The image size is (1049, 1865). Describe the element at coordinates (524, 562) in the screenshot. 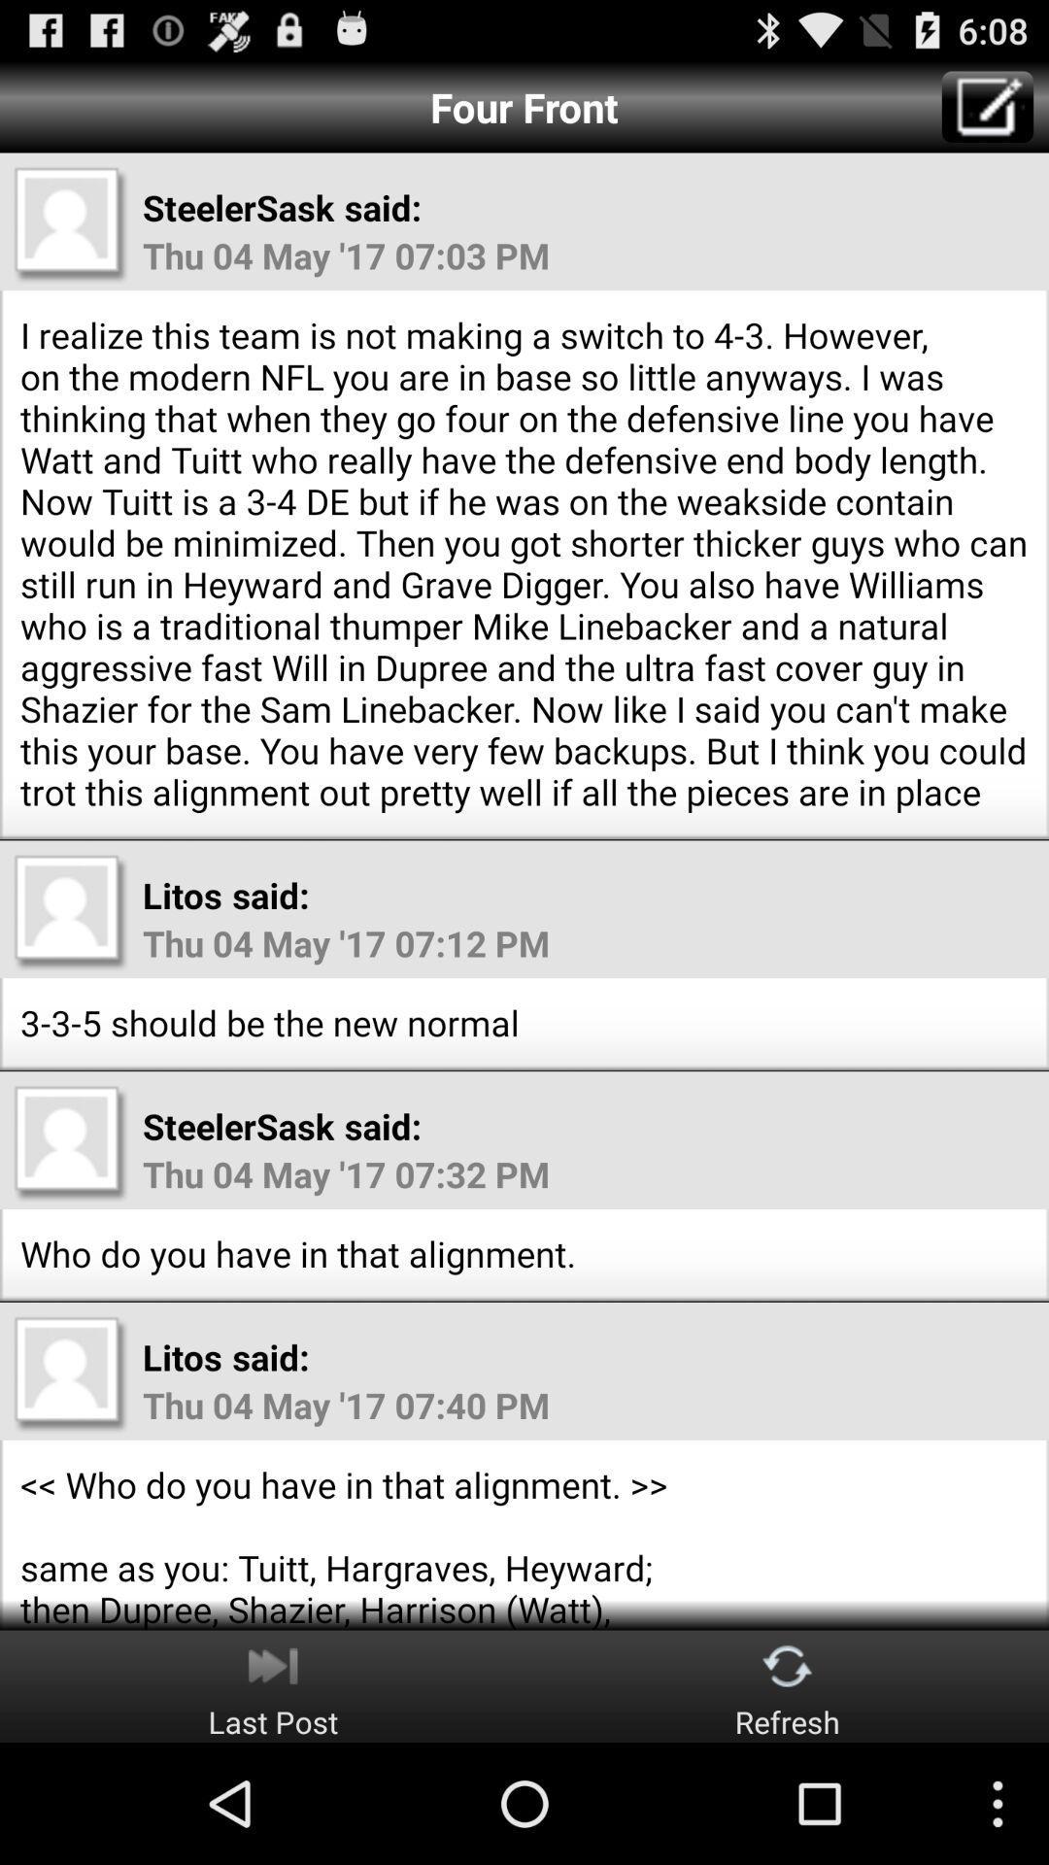

I see `i realize this` at that location.